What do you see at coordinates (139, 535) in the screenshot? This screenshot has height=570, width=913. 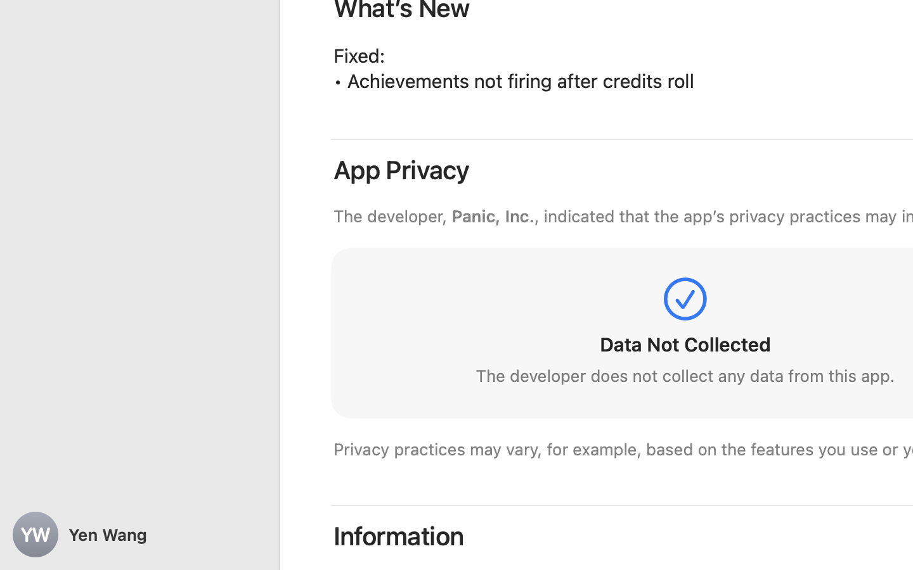 I see `'Yen Wang'` at bounding box center [139, 535].